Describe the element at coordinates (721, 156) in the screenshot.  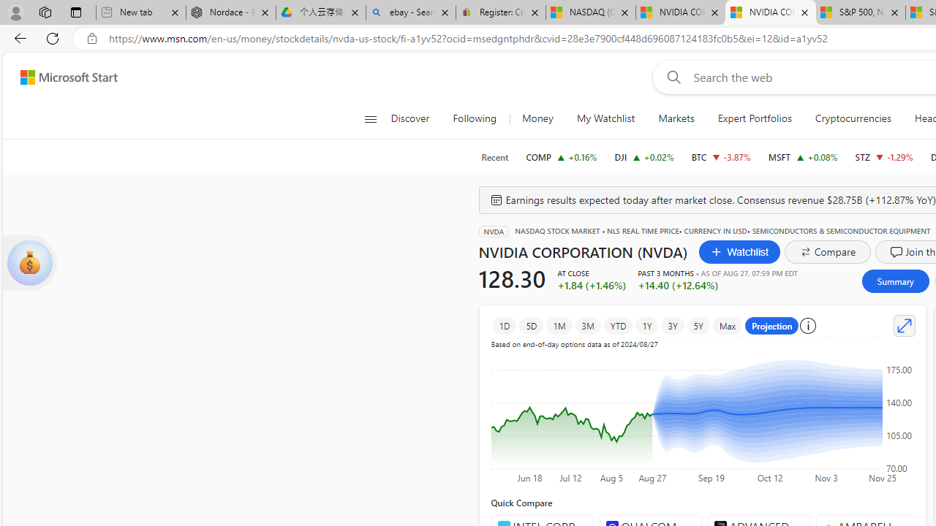
I see `'BTC Bitcoin decrease 60,043.79 -2,323.69 -3.87%'` at that location.